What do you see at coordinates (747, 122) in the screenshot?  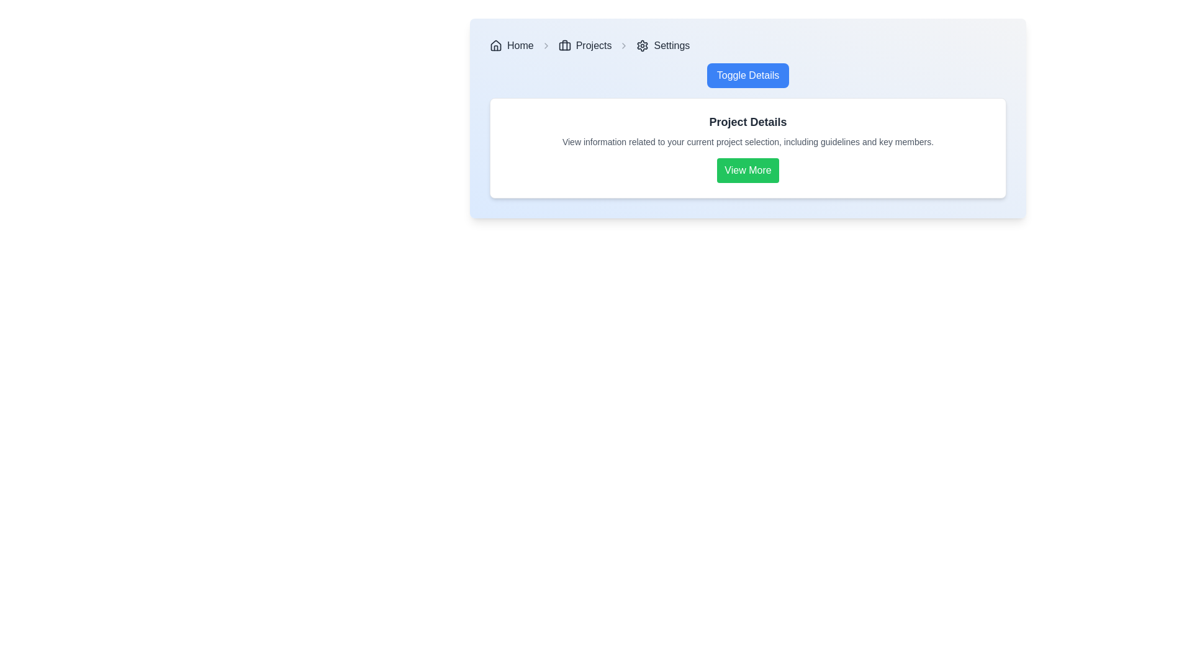 I see `the 'Project Details' heading text, which is styled in bold and slightly larger font, indicating its significance and positioned above the descriptive text and the 'View More' button` at bounding box center [747, 122].